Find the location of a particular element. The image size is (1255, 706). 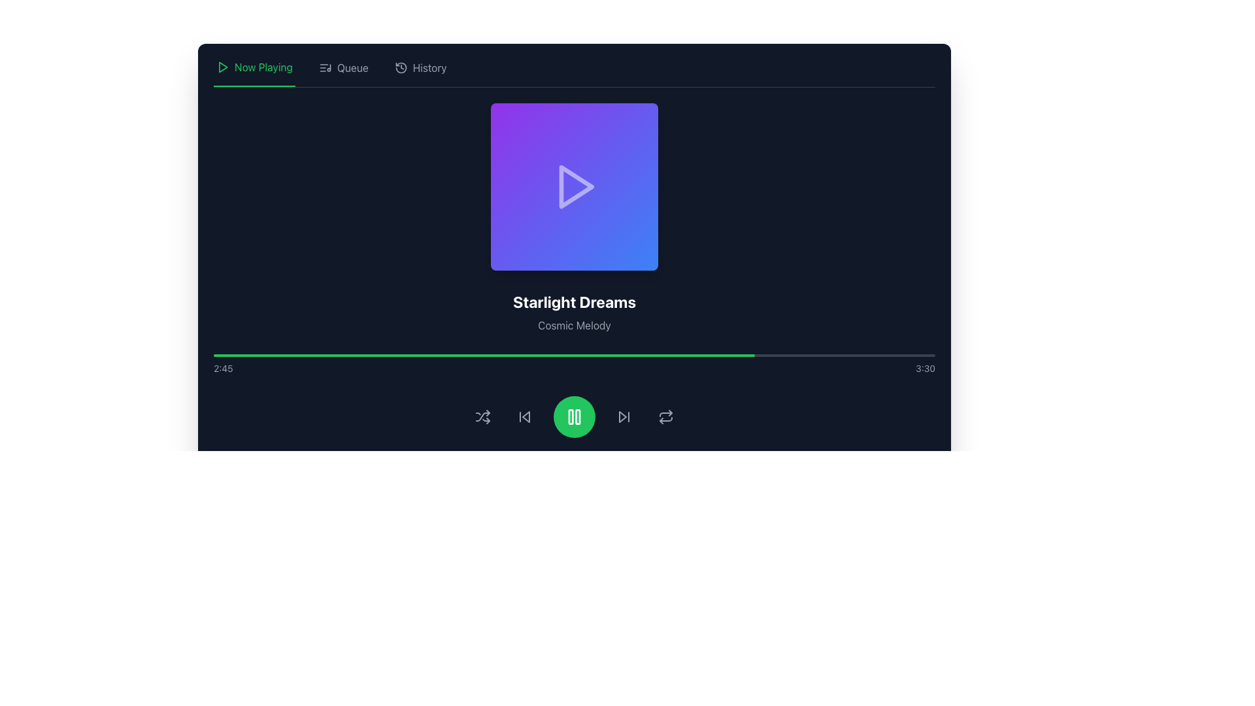

the repeat action button, which is an icon with two arrows forming a circular pattern located to the right of the control buttons in the bottom control bar is located at coordinates (665, 416).